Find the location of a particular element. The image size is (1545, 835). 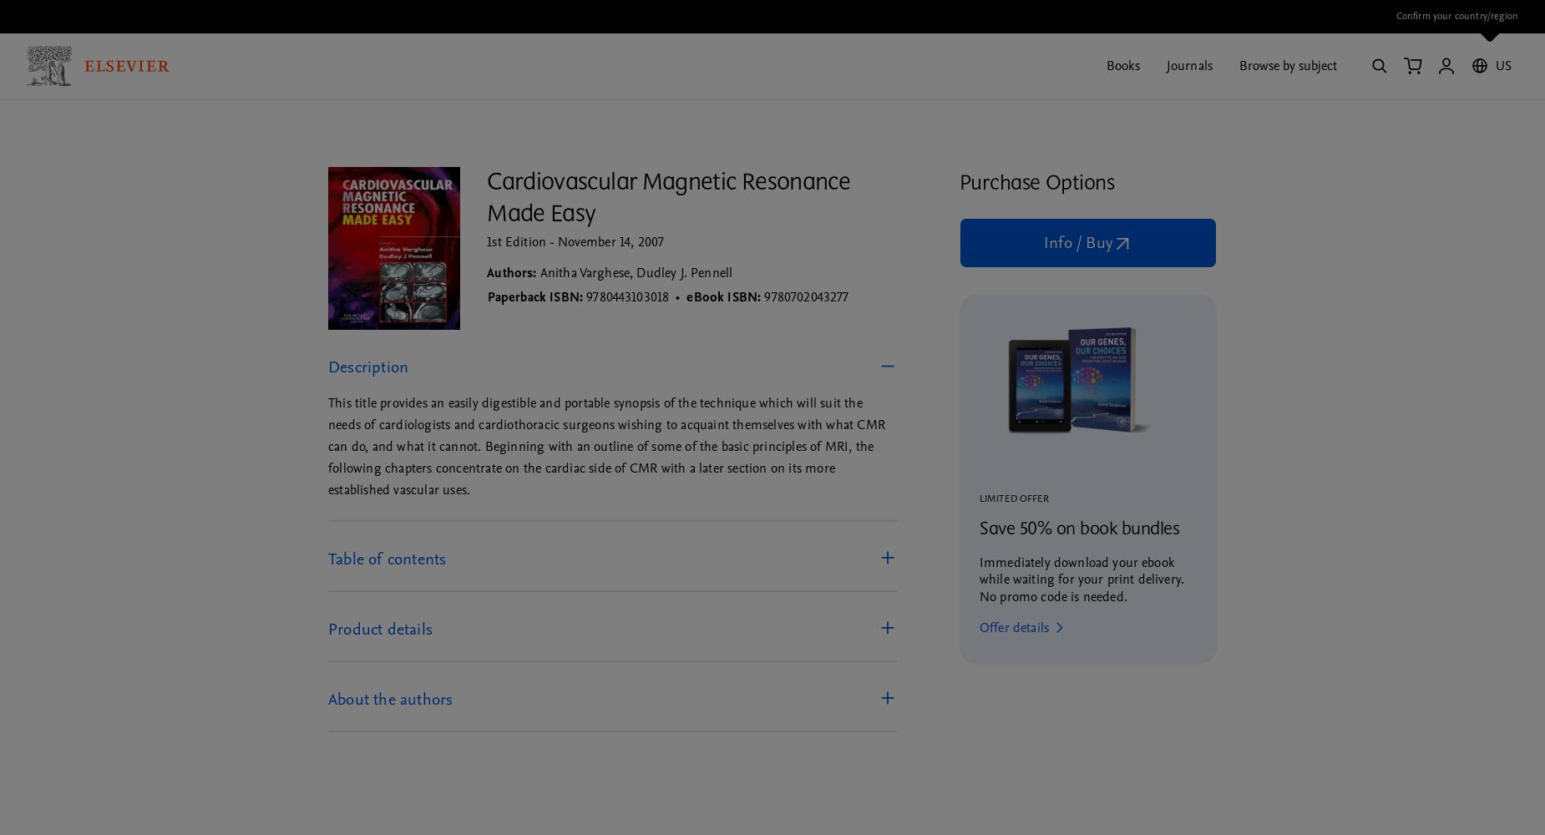

'Immediately download your ebook while waiting for your print delivery. No promo code is needed.' is located at coordinates (1081, 579).